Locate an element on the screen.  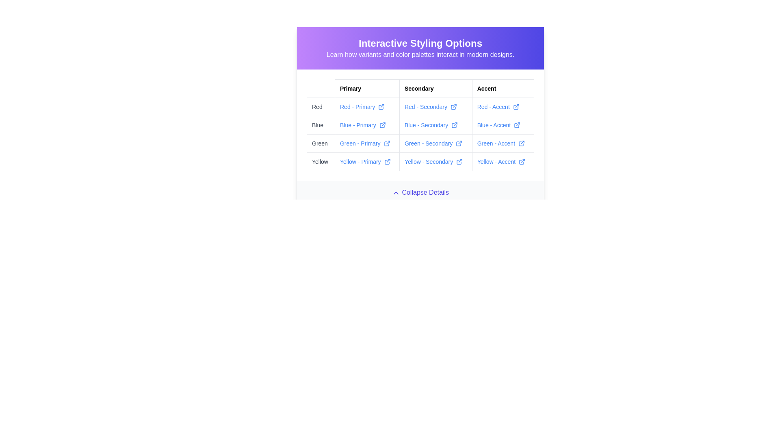
the hyperlink labeled 'Red - Secondary' which is styled in blue and underlined on hover, located in the 'Secondary' column of the 'Red' row is located at coordinates (435, 106).